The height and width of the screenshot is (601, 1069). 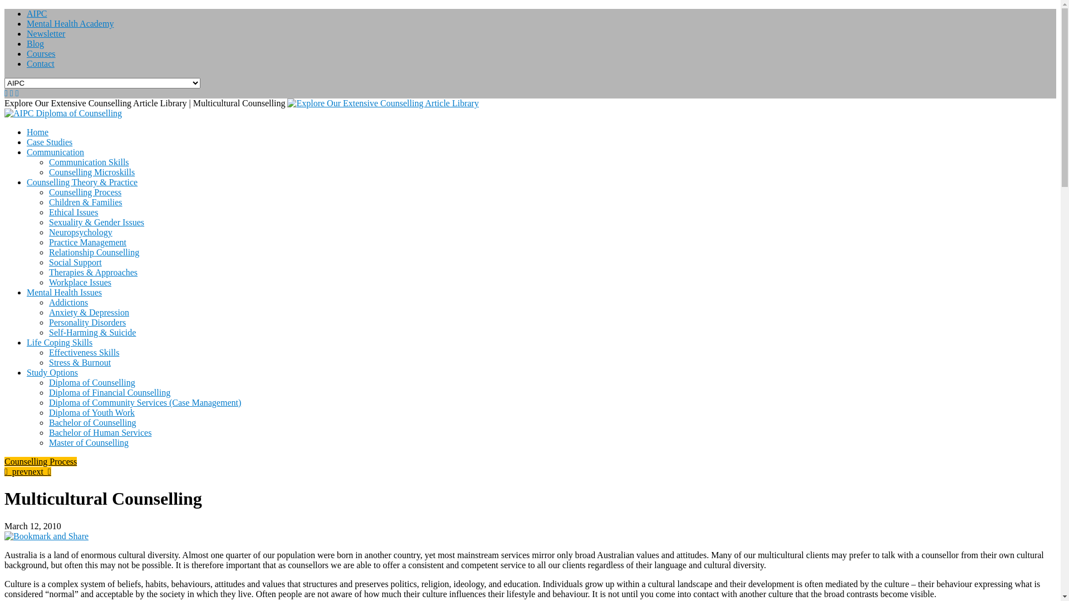 I want to click on 'Addictions', so click(x=68, y=302).